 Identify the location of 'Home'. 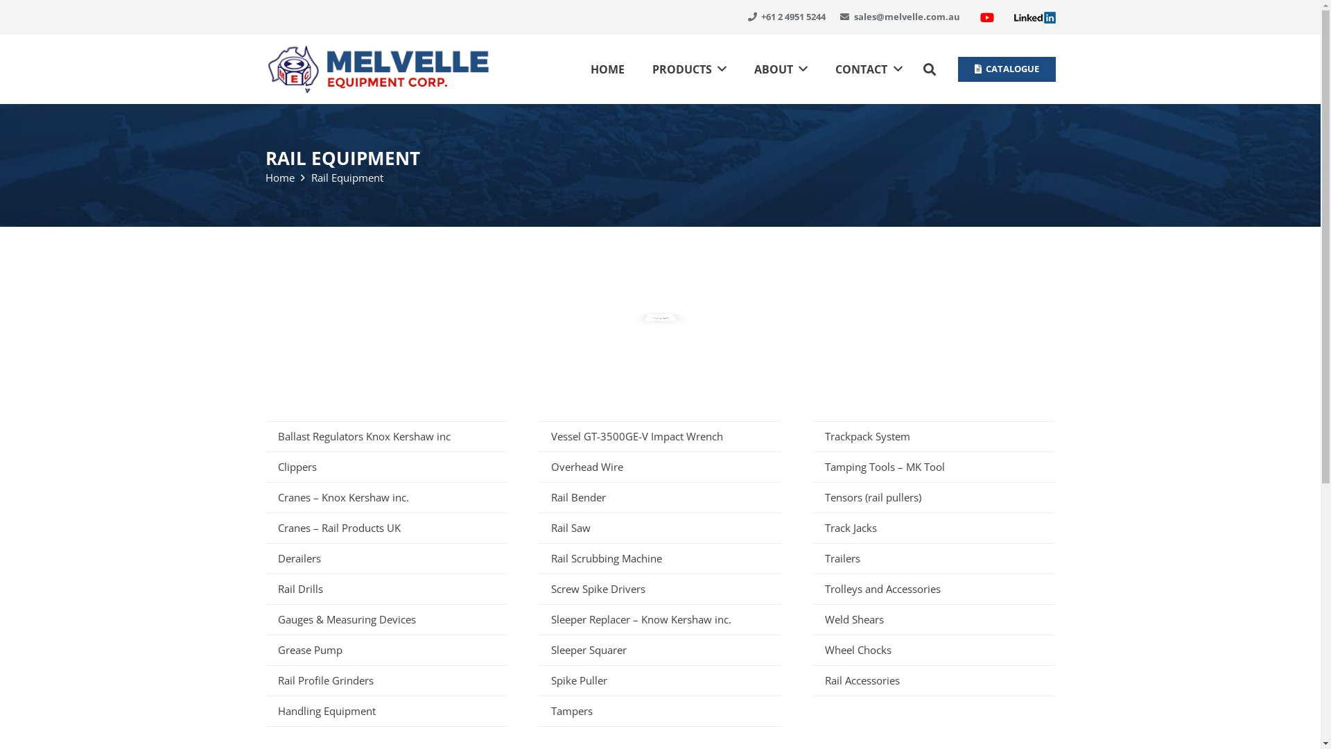
(265, 176).